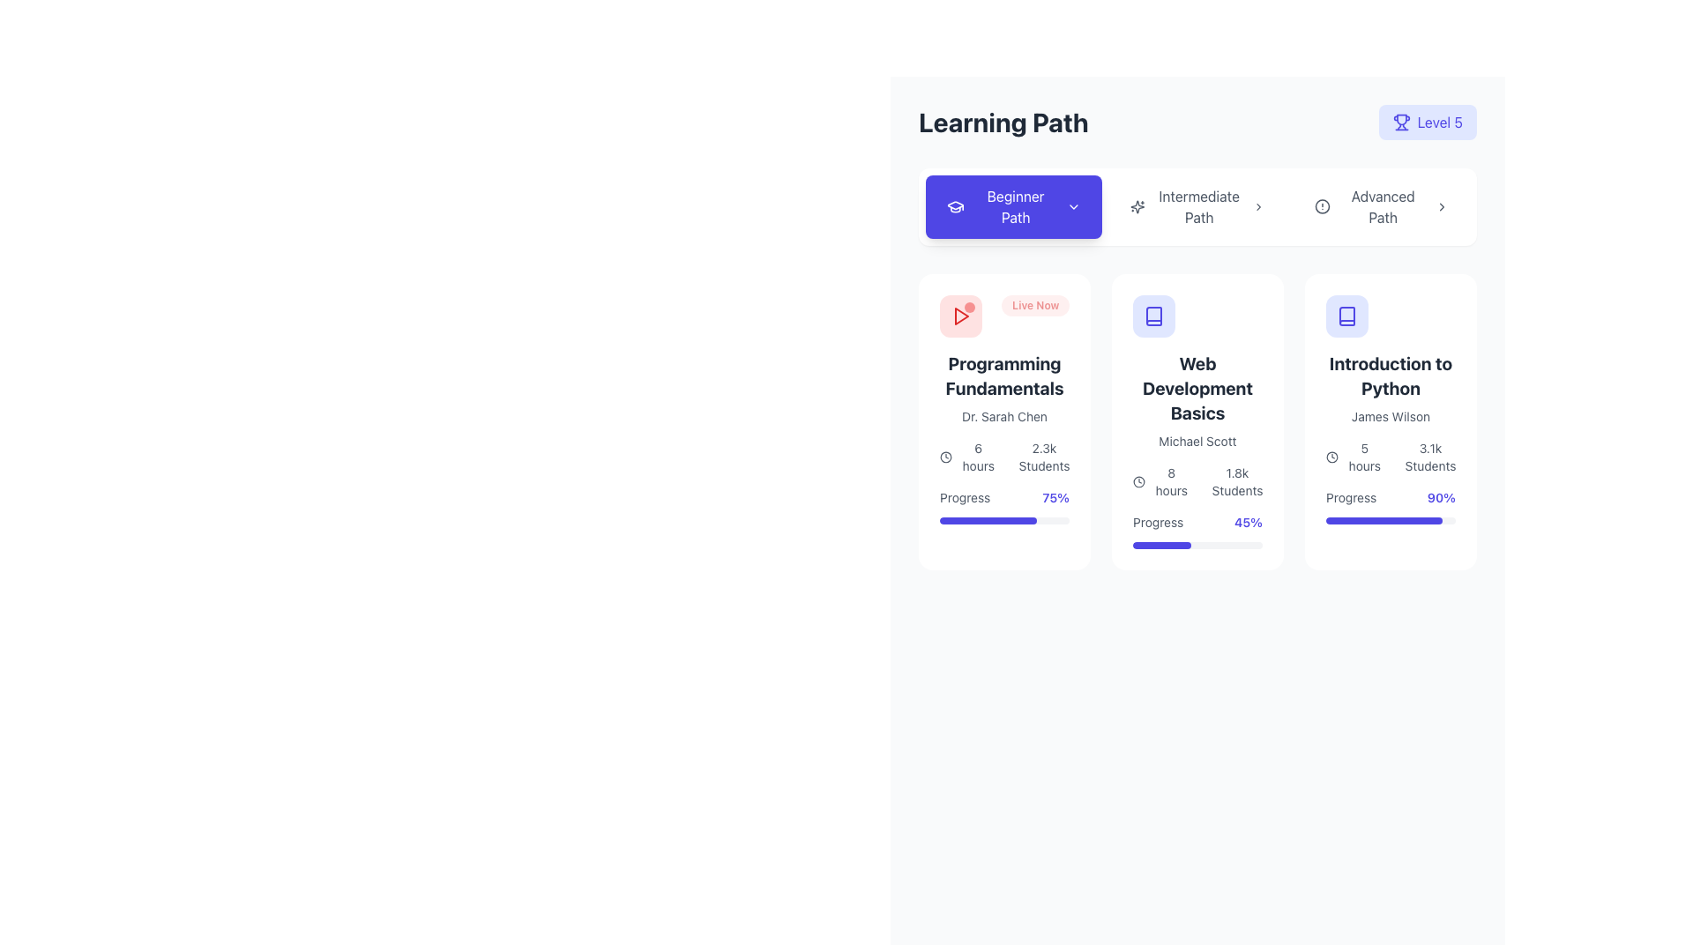  I want to click on the trophy icon located in the top-right corner of the interface, adjacent to the 'Level 5' text label, so click(1400, 121).